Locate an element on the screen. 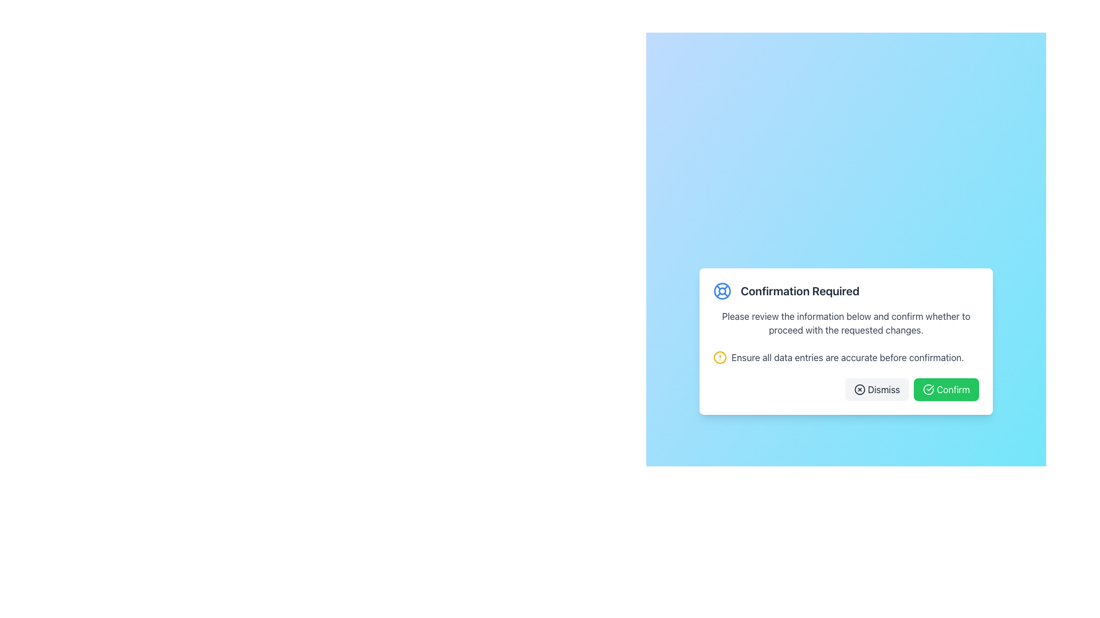 This screenshot has width=1100, height=618. the circular icon with a bold border and a cross (X) in the center, located inside the 'Dismiss' button of the confirmation dialog is located at coordinates (859, 389).